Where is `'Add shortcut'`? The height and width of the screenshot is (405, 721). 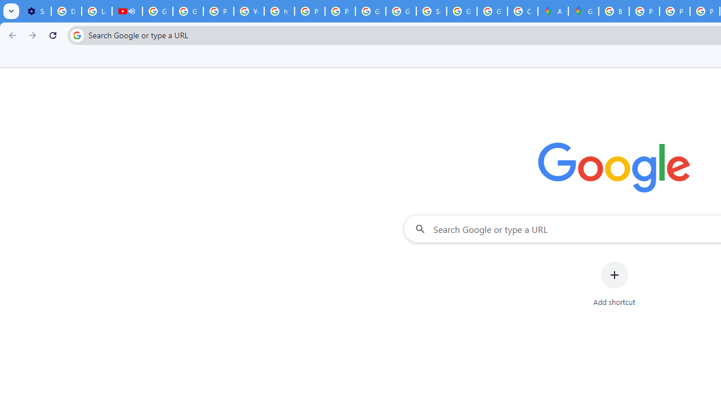 'Add shortcut' is located at coordinates (613, 283).